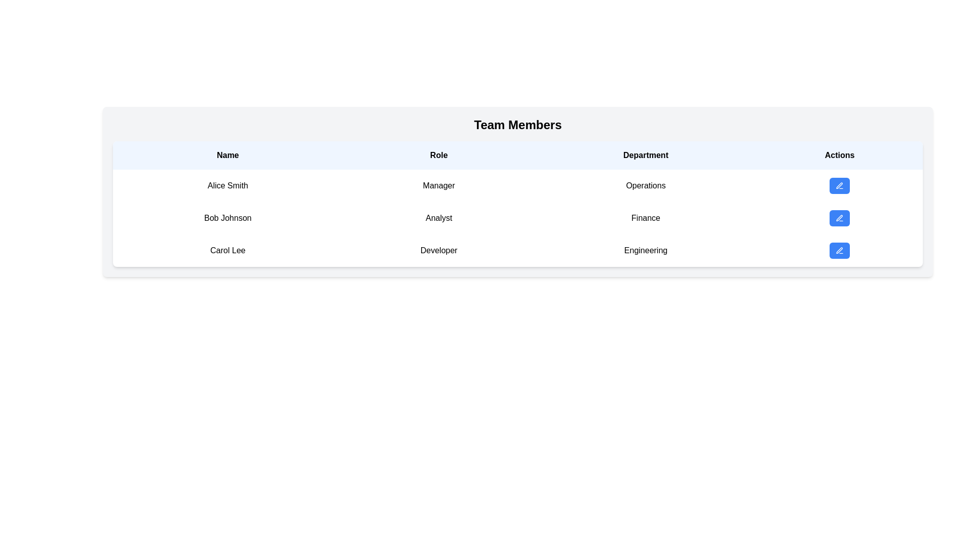  What do you see at coordinates (839, 218) in the screenshot?
I see `the small, rounded rectangular blue button with a pen icon in the Actions column of the second row, which corresponds to 'Bob Johnson' in the 'Finance' department` at bounding box center [839, 218].